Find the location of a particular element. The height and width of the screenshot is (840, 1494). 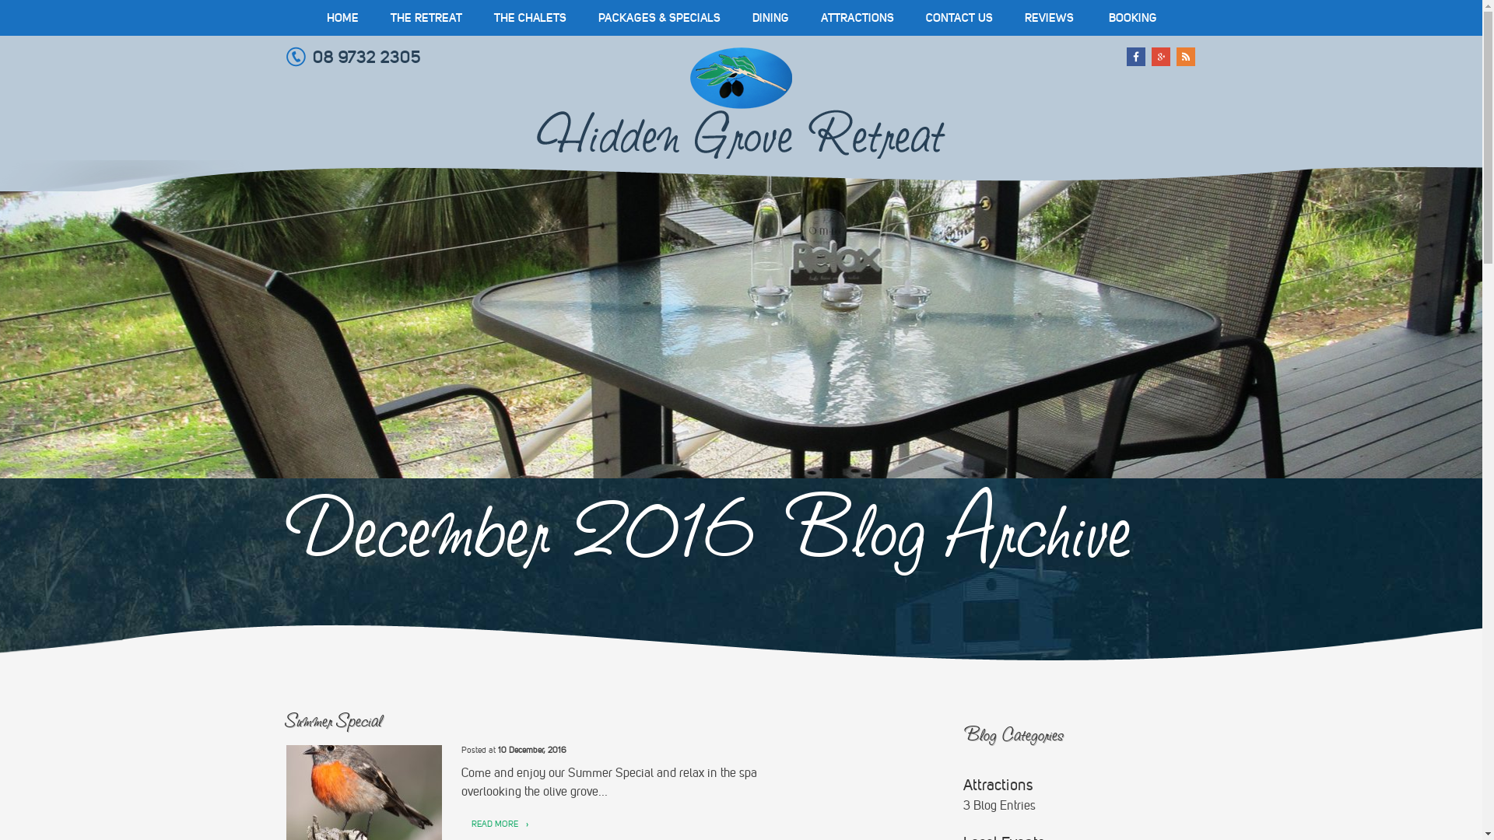

'CONTACT US' is located at coordinates (959, 18).